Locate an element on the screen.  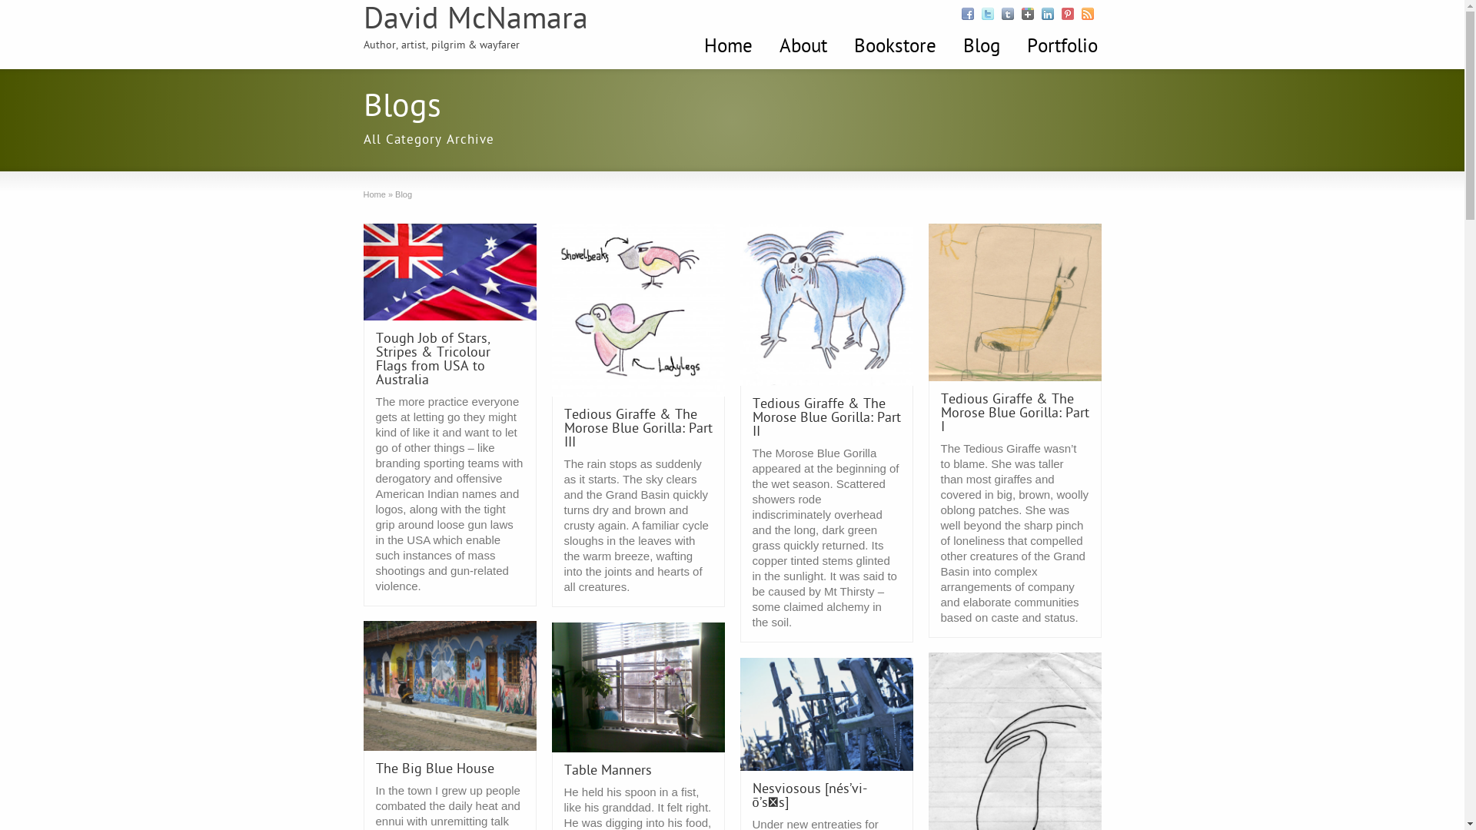
'Follow Me Pinterest' is located at coordinates (1065, 14).